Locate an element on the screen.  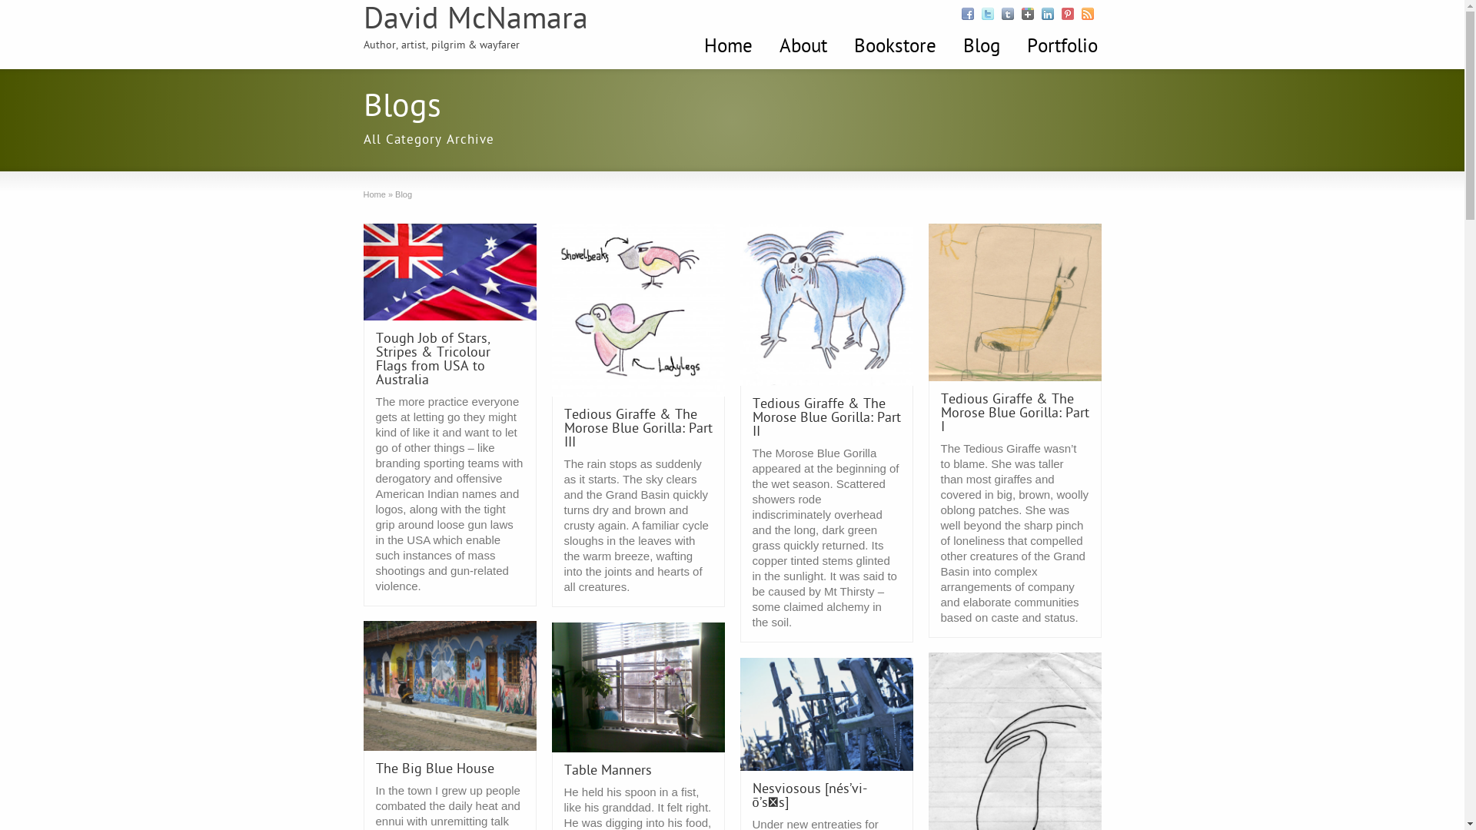
'Follow Me Pinterest' is located at coordinates (1065, 14).